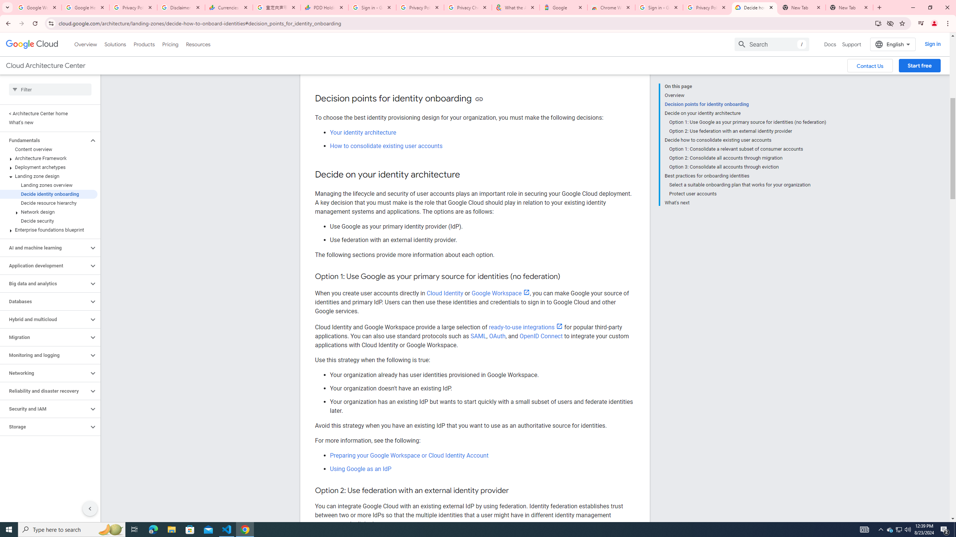  I want to click on 'Control your music, videos, and more', so click(921, 23).